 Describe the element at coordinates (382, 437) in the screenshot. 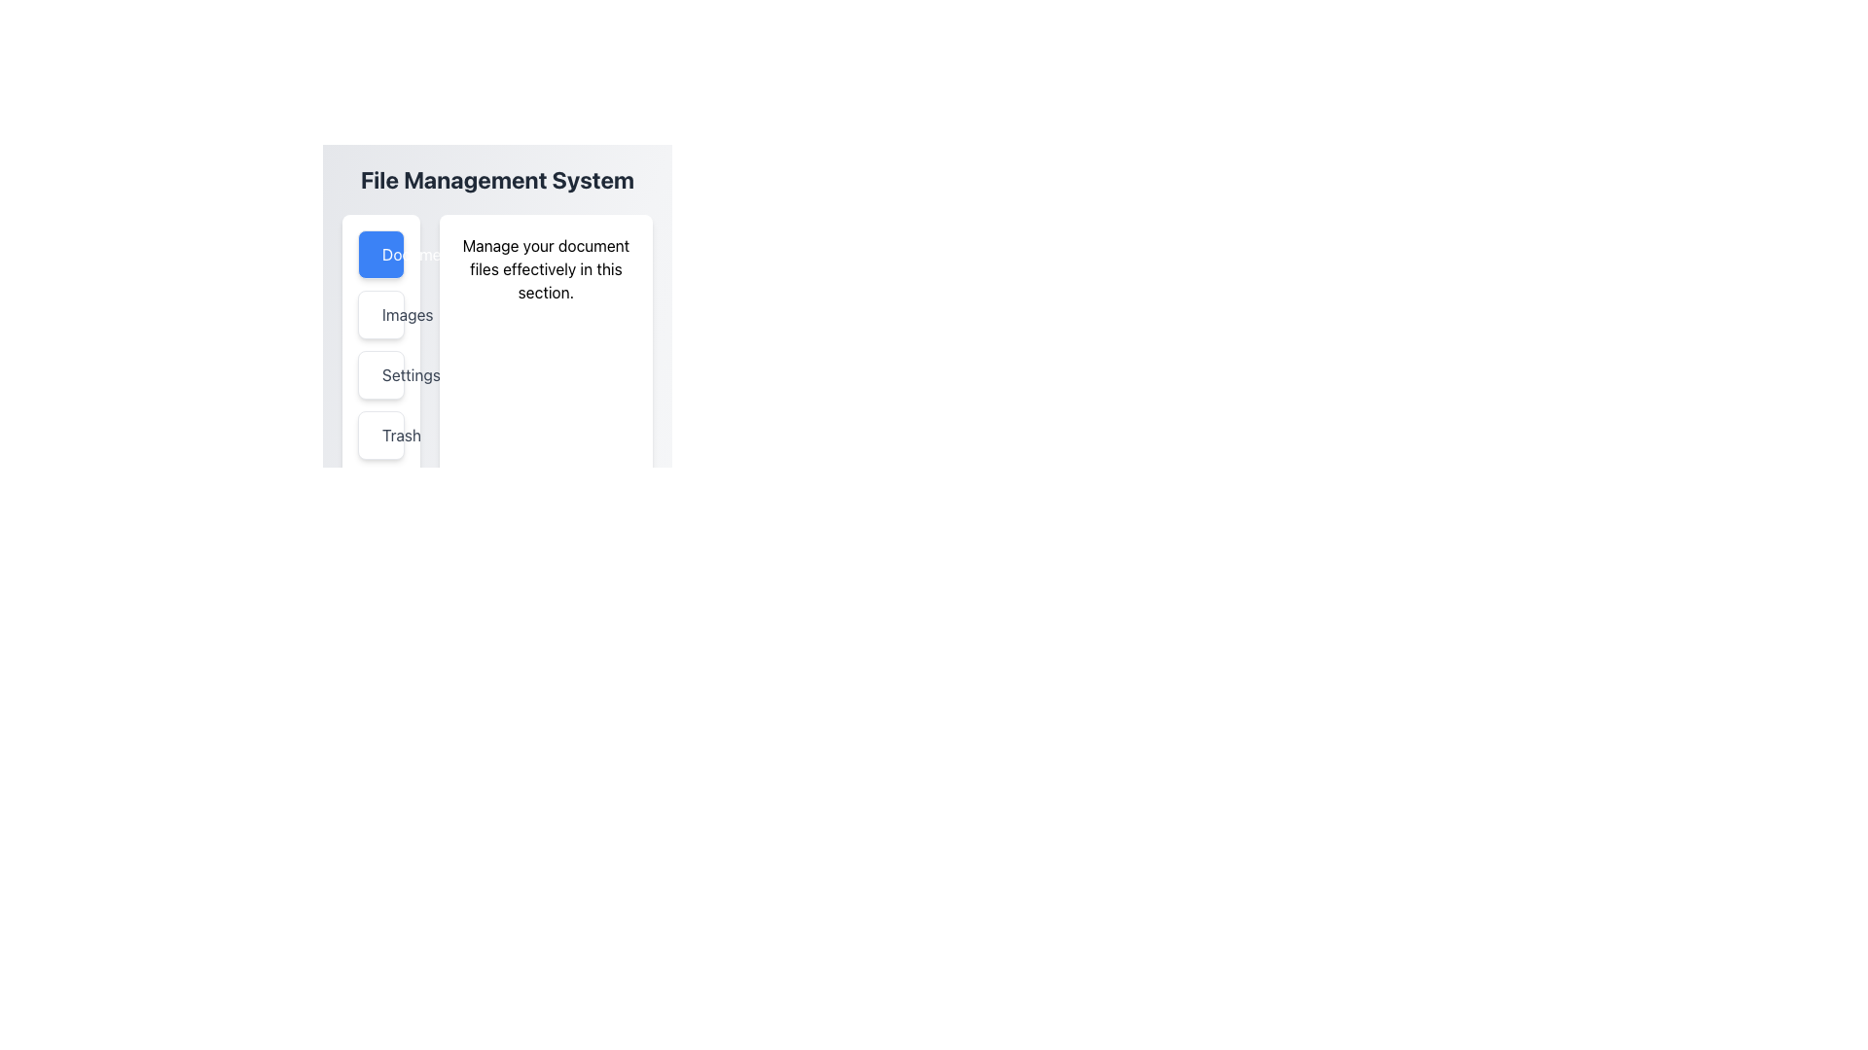

I see `the delete icon located in the vertical navigation bar on the left side of the interface to initiate a delete action` at that location.